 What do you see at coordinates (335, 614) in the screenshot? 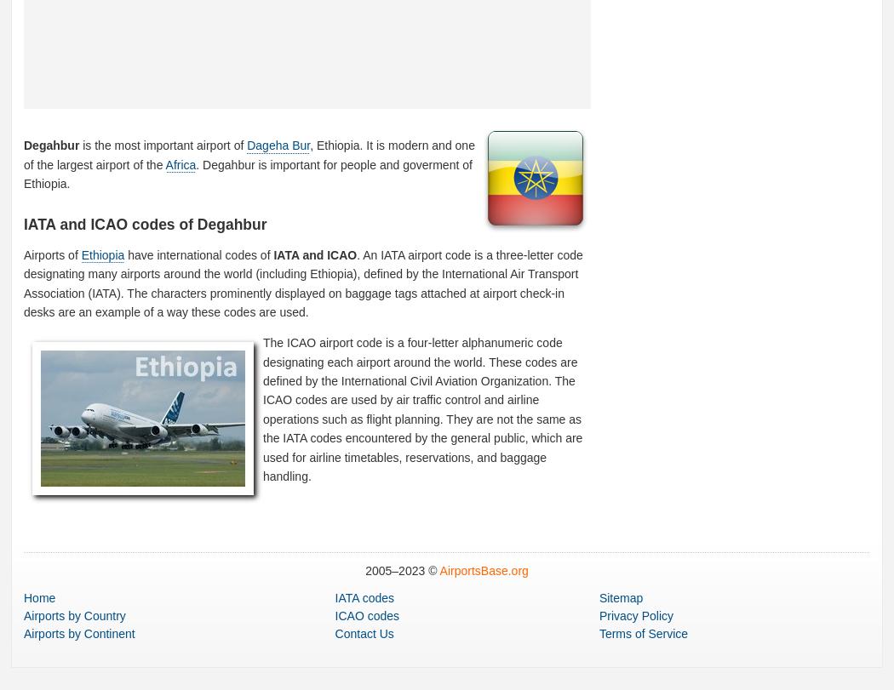
I see `'ICAO codes'` at bounding box center [335, 614].